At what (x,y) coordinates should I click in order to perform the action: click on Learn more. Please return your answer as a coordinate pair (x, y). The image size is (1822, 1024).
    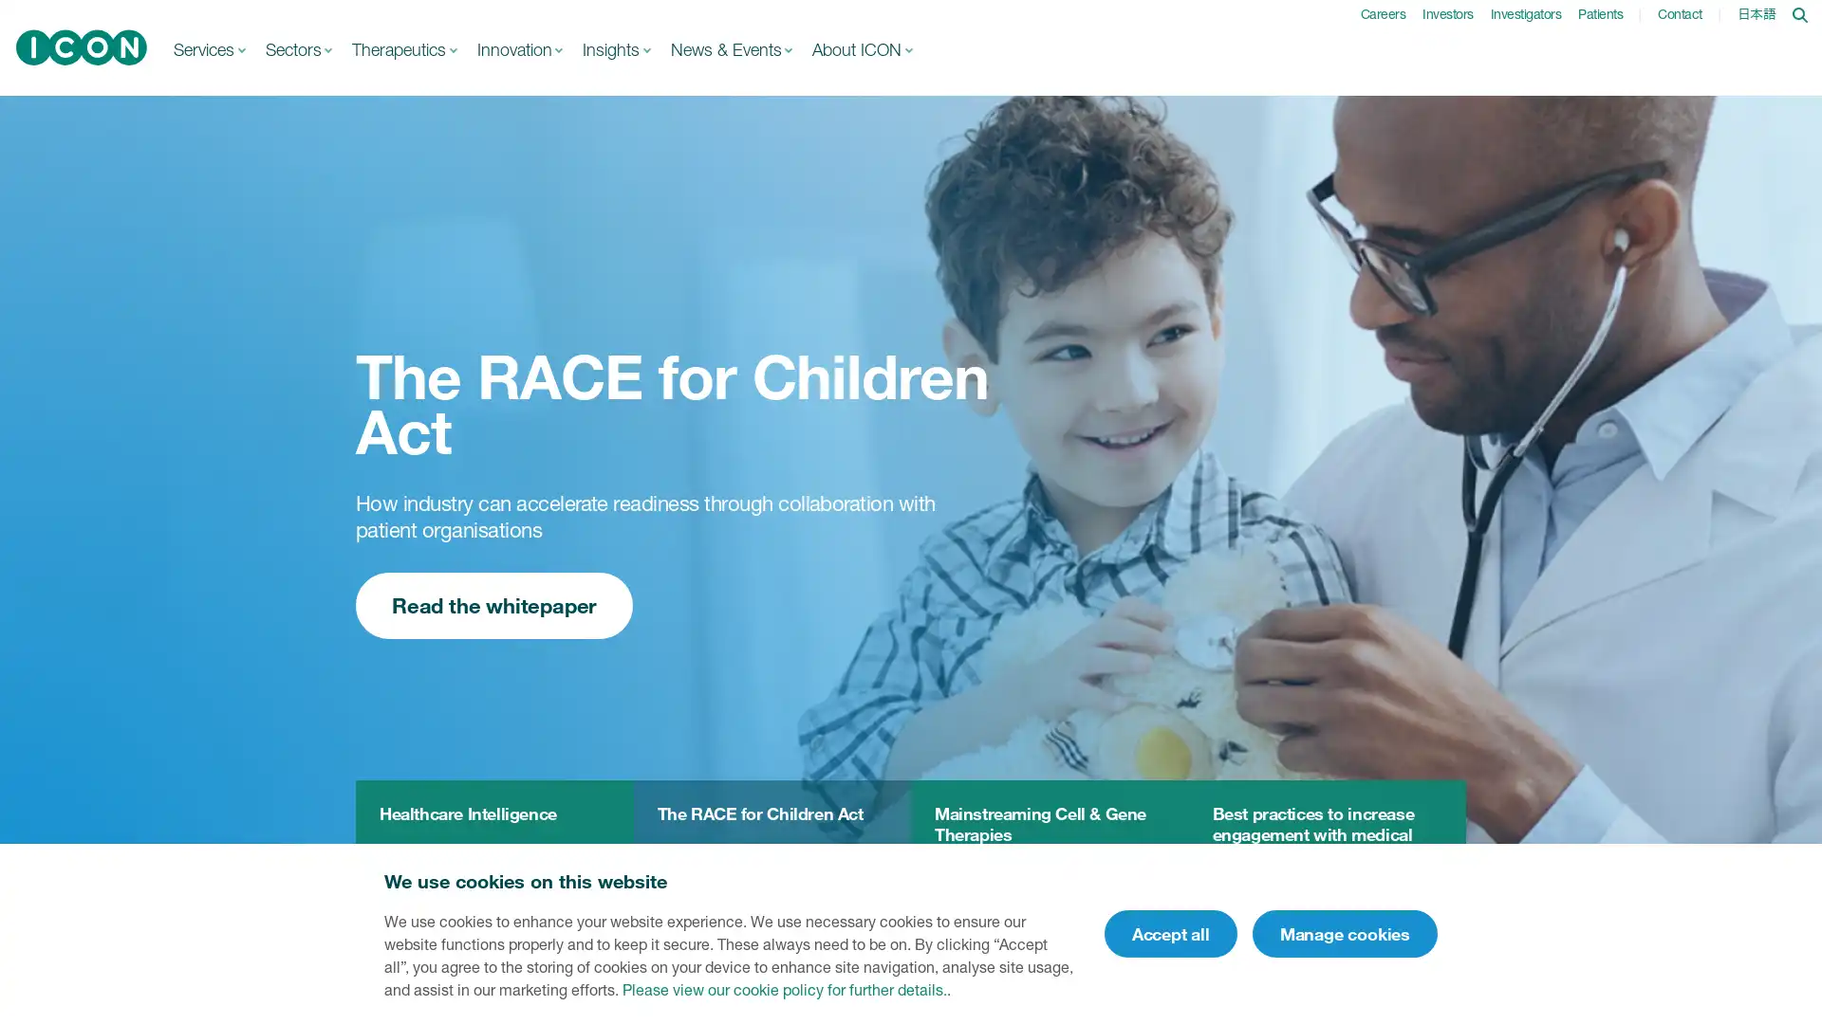
    Looking at the image, I should click on (450, 591).